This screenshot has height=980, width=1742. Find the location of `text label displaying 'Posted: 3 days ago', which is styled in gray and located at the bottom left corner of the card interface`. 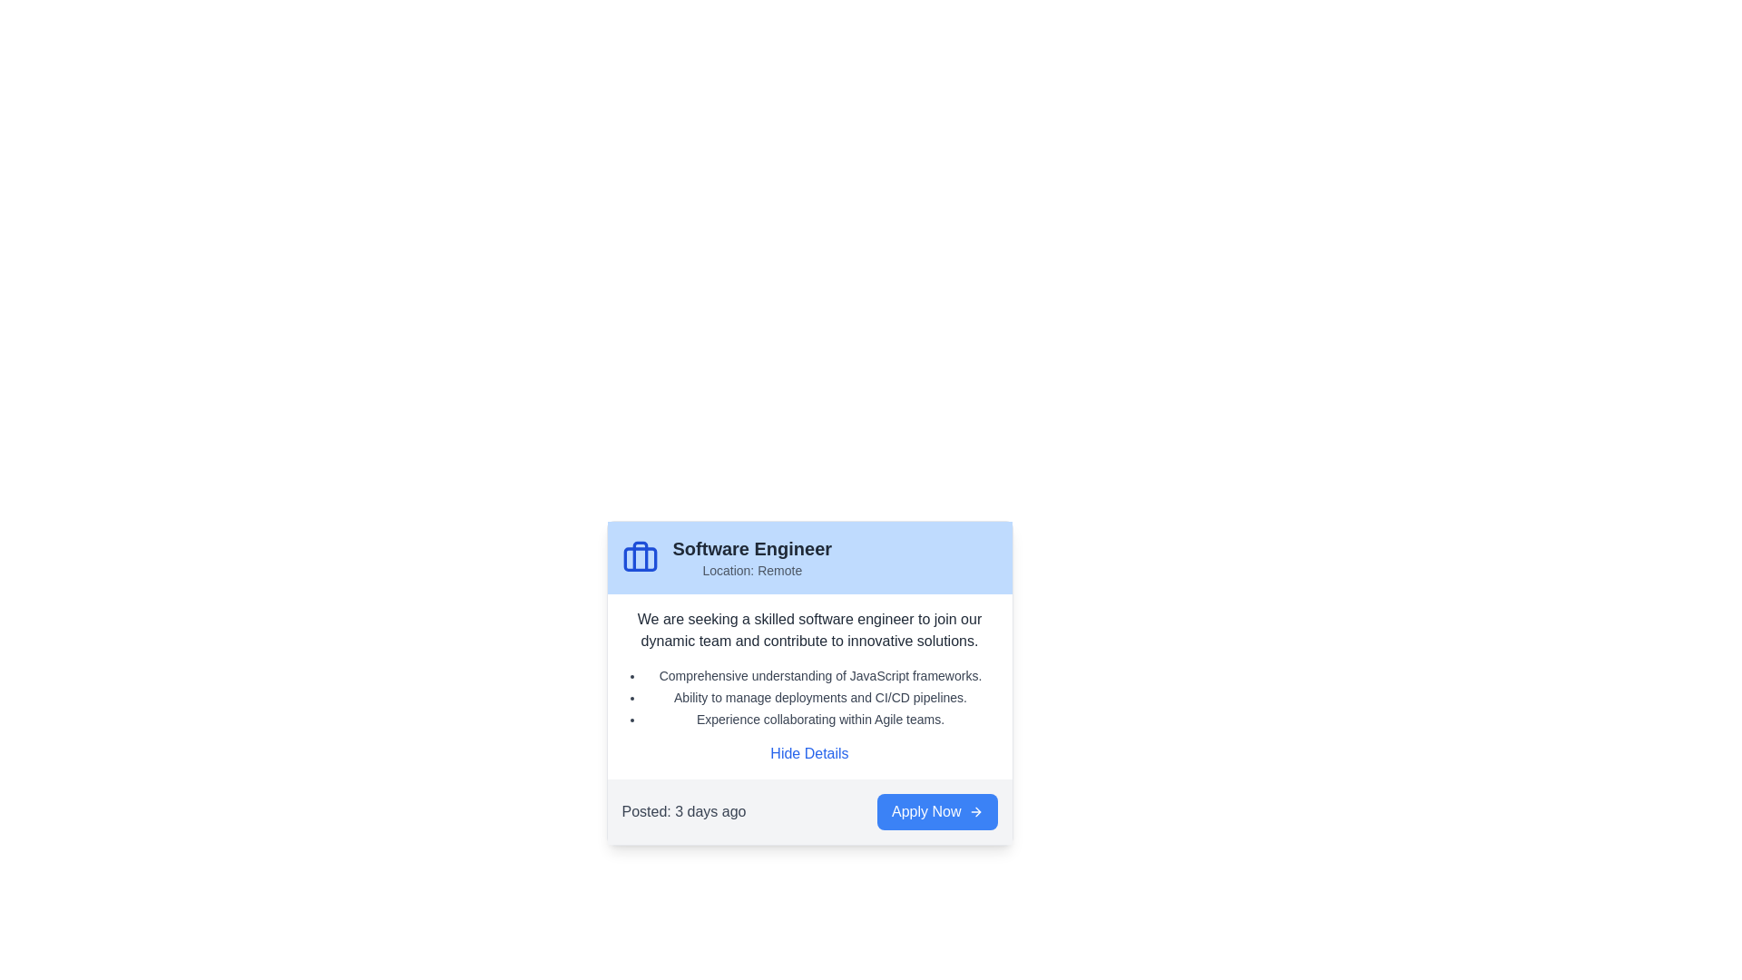

text label displaying 'Posted: 3 days ago', which is styled in gray and located at the bottom left corner of the card interface is located at coordinates (682, 810).